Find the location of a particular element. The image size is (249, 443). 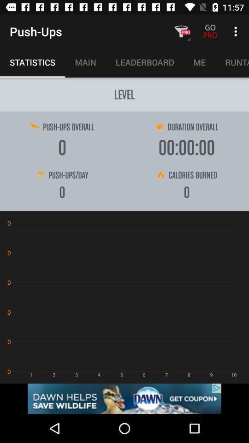

me is located at coordinates (199, 61).